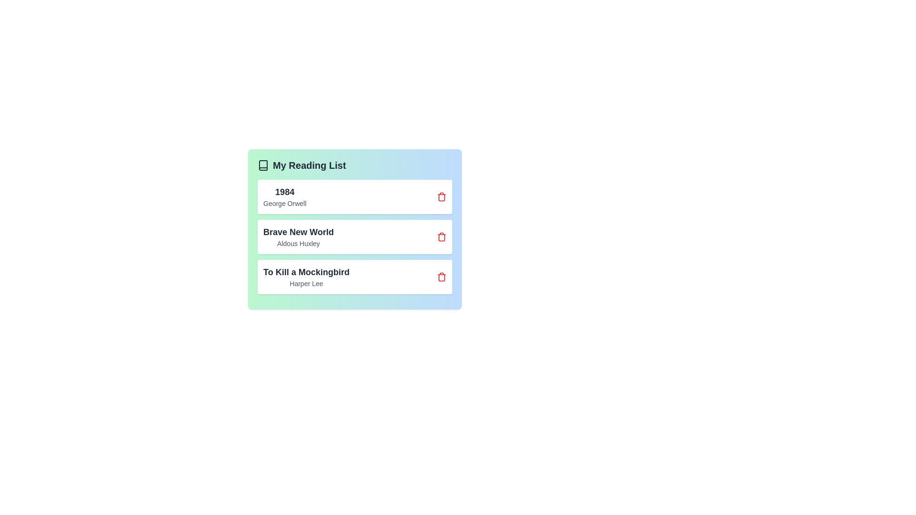 Image resolution: width=916 pixels, height=515 pixels. I want to click on the trash icon next to the book titled 'Brave New World' to remove it from the list, so click(441, 237).